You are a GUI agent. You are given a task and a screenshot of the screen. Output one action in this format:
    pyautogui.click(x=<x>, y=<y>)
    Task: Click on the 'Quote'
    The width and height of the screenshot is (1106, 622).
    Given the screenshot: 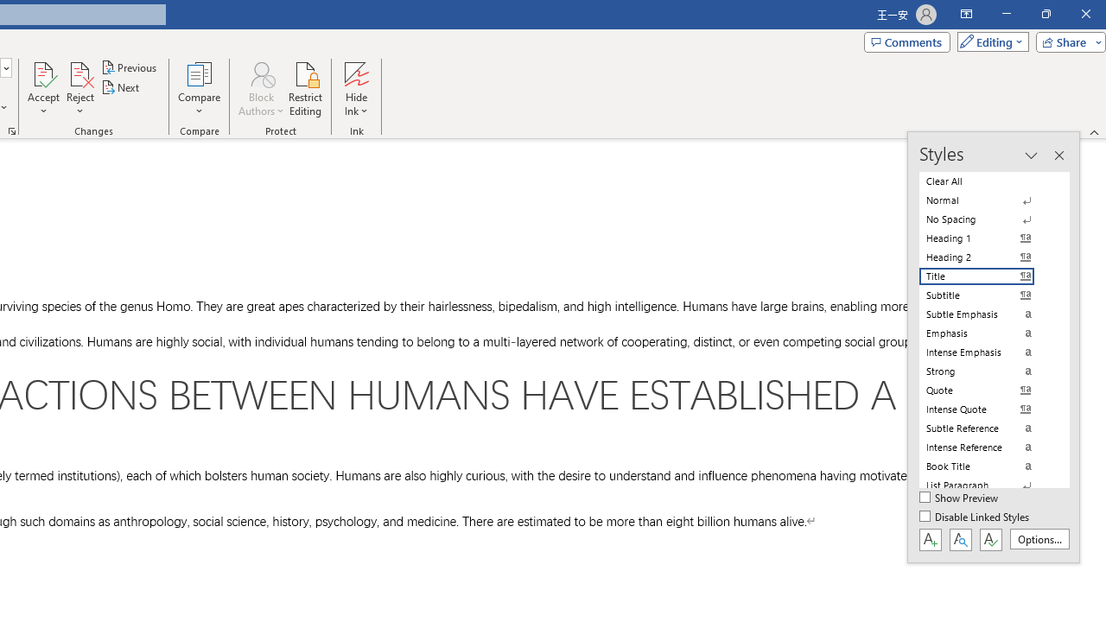 What is the action you would take?
    pyautogui.click(x=987, y=390)
    